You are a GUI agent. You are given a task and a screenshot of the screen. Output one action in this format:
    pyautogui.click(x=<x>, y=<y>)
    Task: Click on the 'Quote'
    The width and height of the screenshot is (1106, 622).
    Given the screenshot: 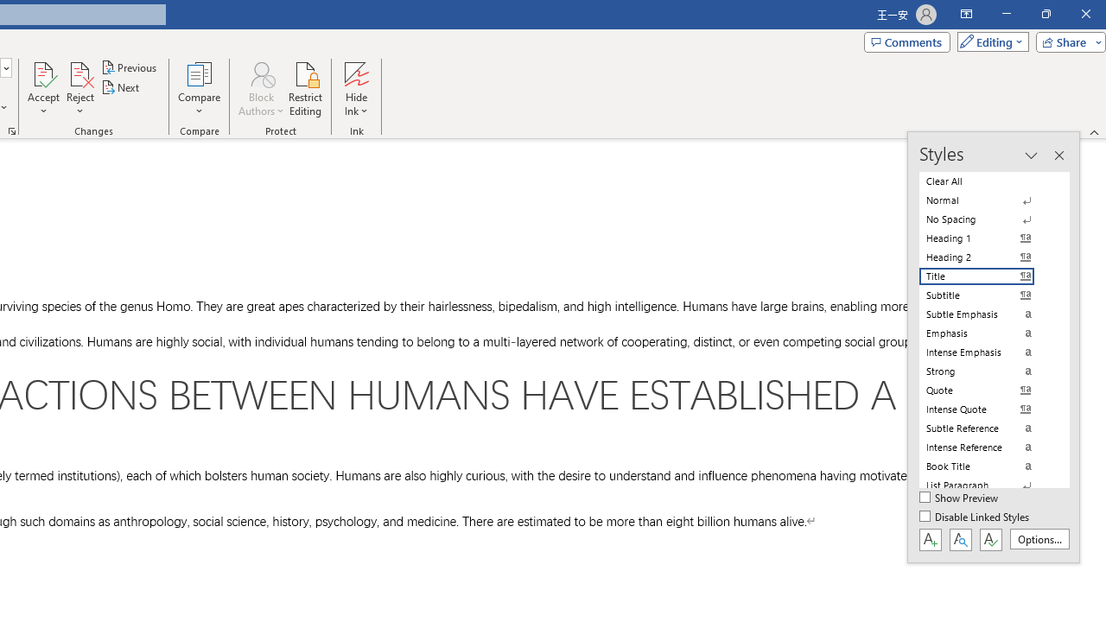 What is the action you would take?
    pyautogui.click(x=987, y=390)
    